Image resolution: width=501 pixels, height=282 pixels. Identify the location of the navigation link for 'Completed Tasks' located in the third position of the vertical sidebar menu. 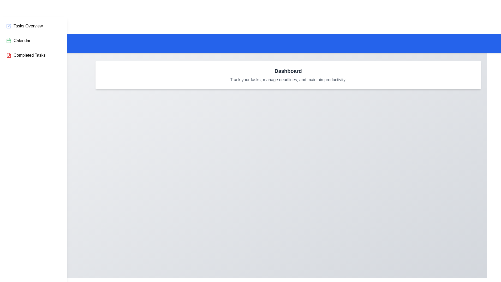
(26, 55).